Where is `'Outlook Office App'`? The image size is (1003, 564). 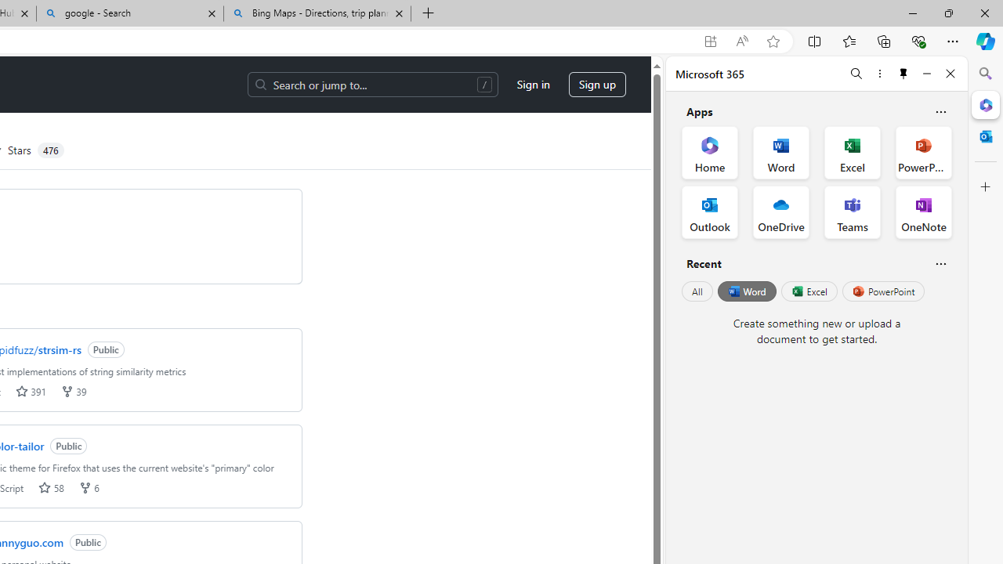
'Outlook Office App' is located at coordinates (709, 212).